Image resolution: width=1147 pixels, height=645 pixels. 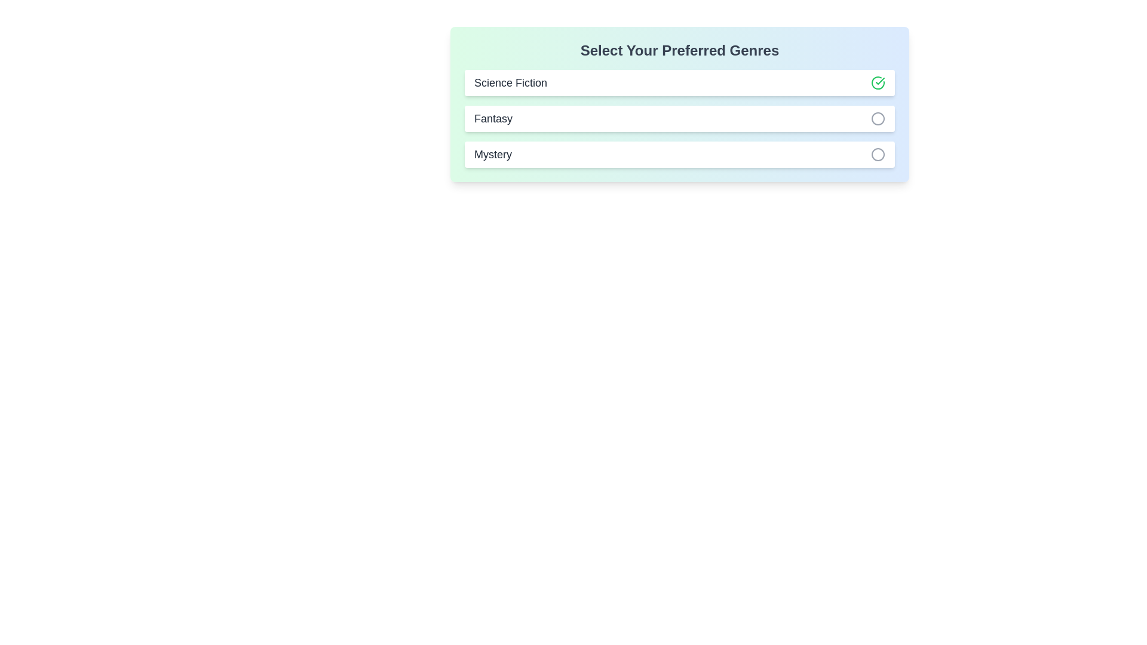 I want to click on the text of the genre label Science Fiction, so click(x=510, y=82).